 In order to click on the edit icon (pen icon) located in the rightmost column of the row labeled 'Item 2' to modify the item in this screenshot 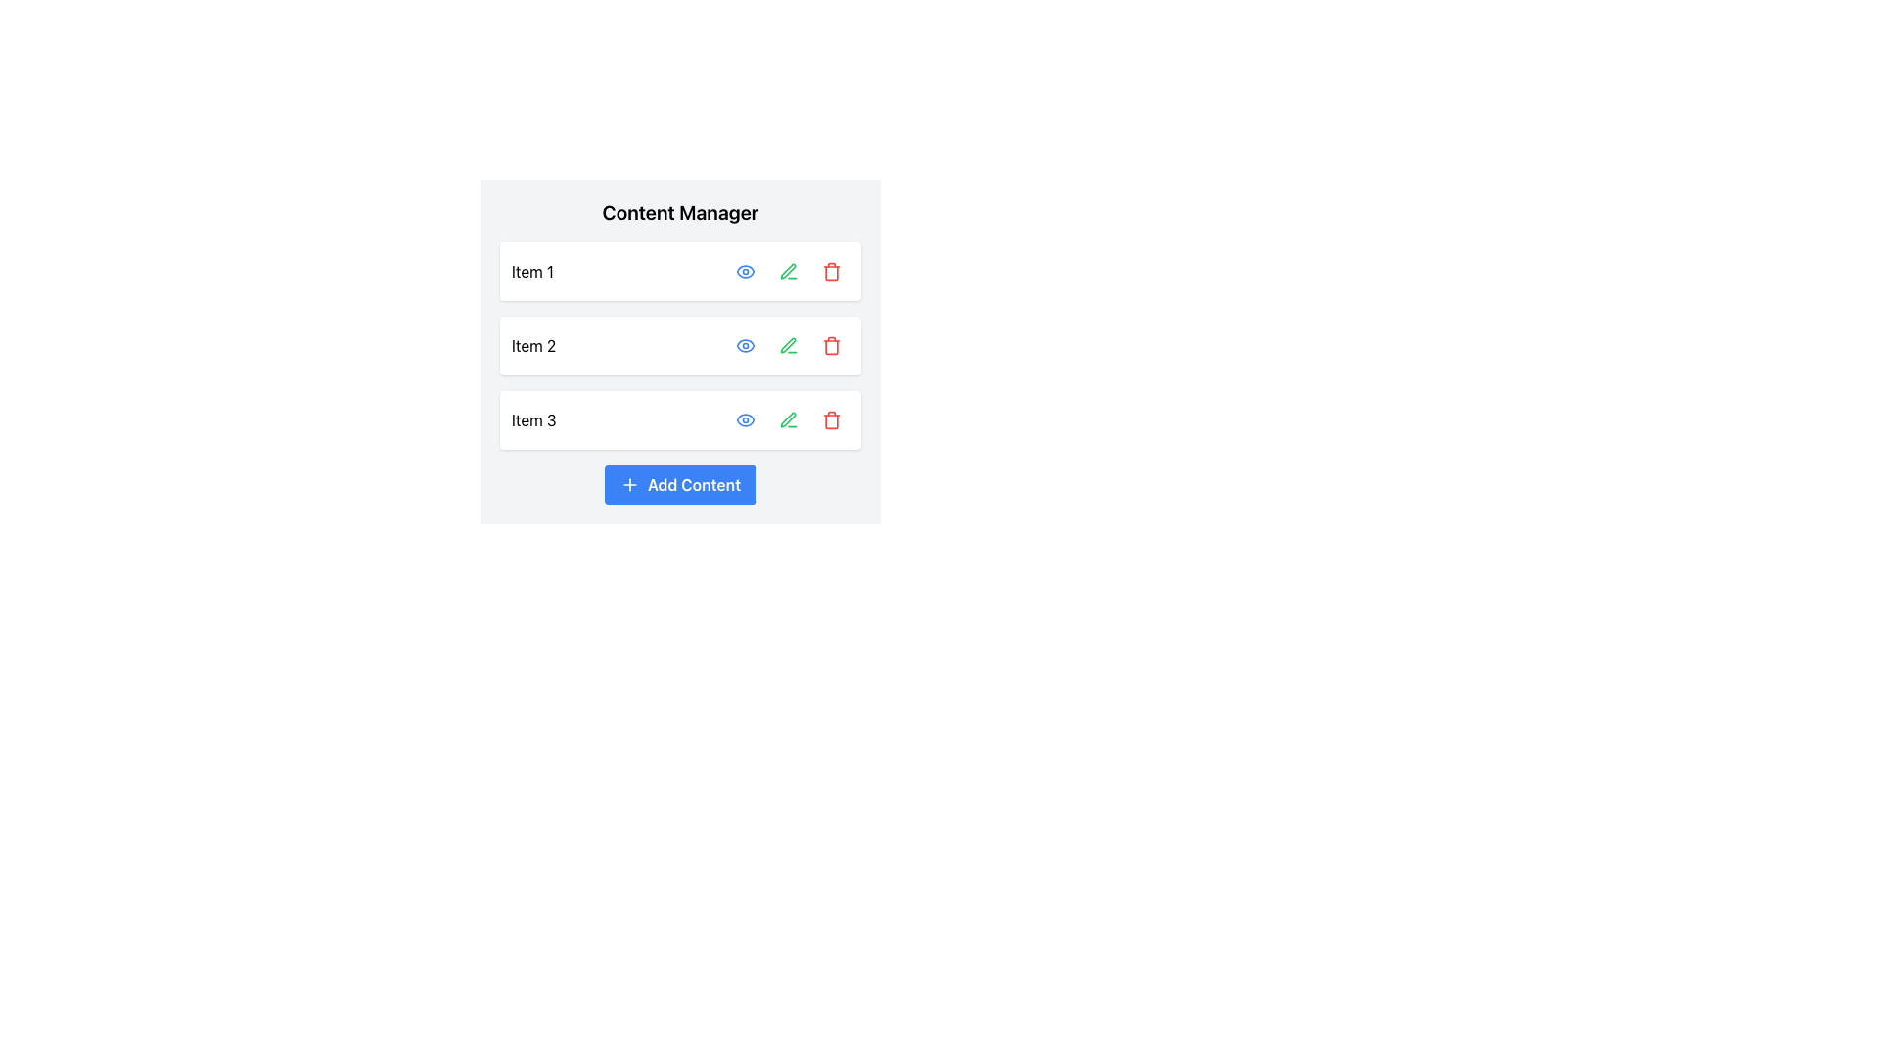, I will do `click(788, 344)`.